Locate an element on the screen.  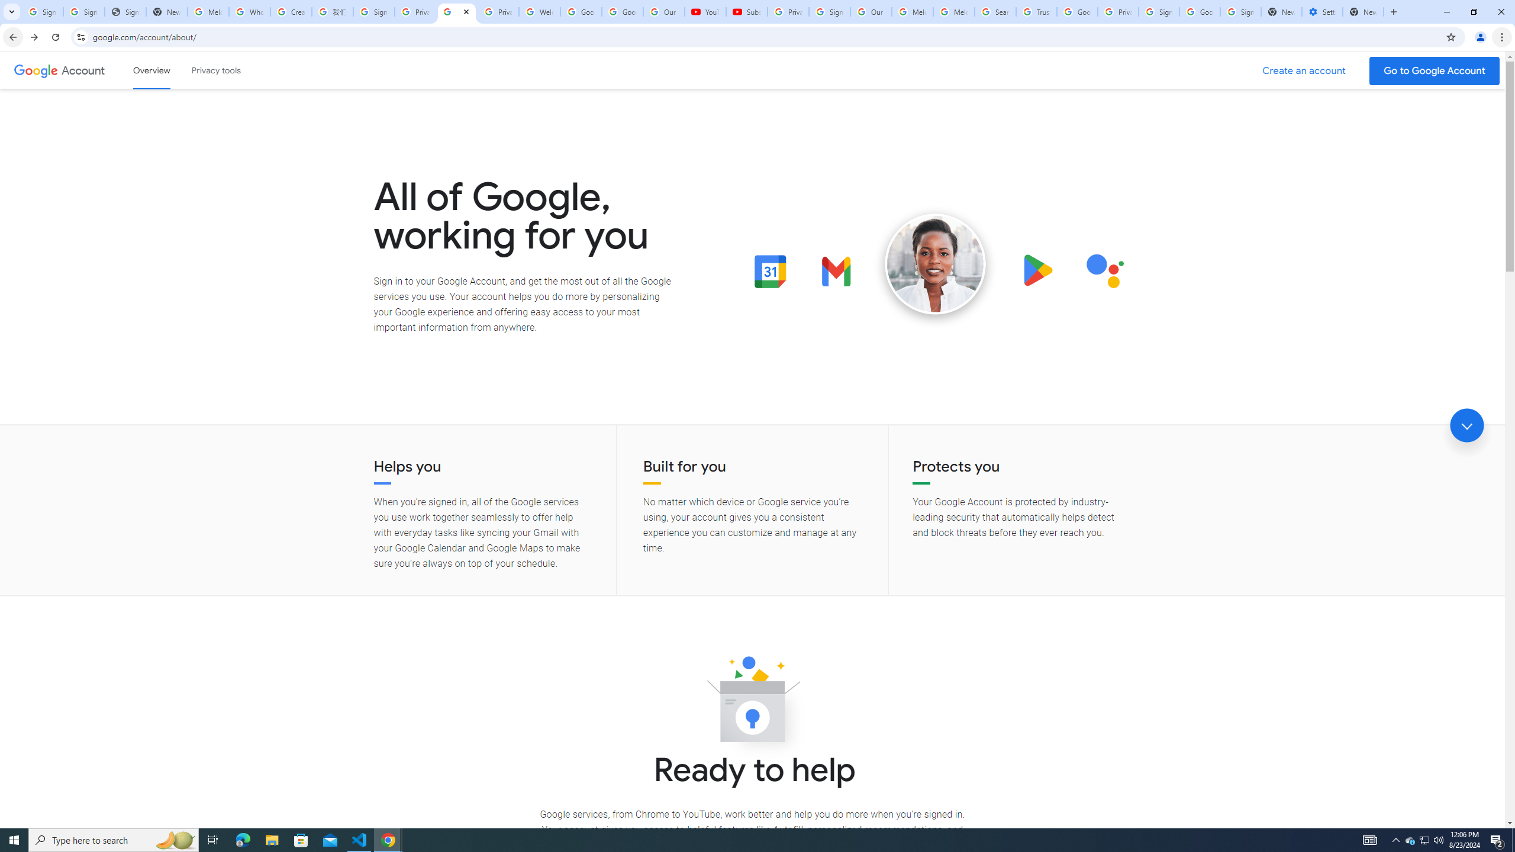
'Create a Google Account' is located at coordinates (1304, 70).